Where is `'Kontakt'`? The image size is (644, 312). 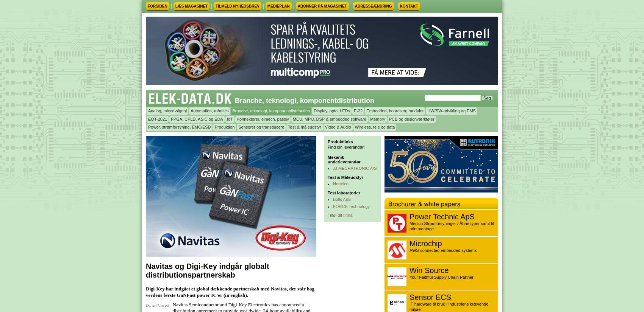
'Kontakt' is located at coordinates (399, 6).